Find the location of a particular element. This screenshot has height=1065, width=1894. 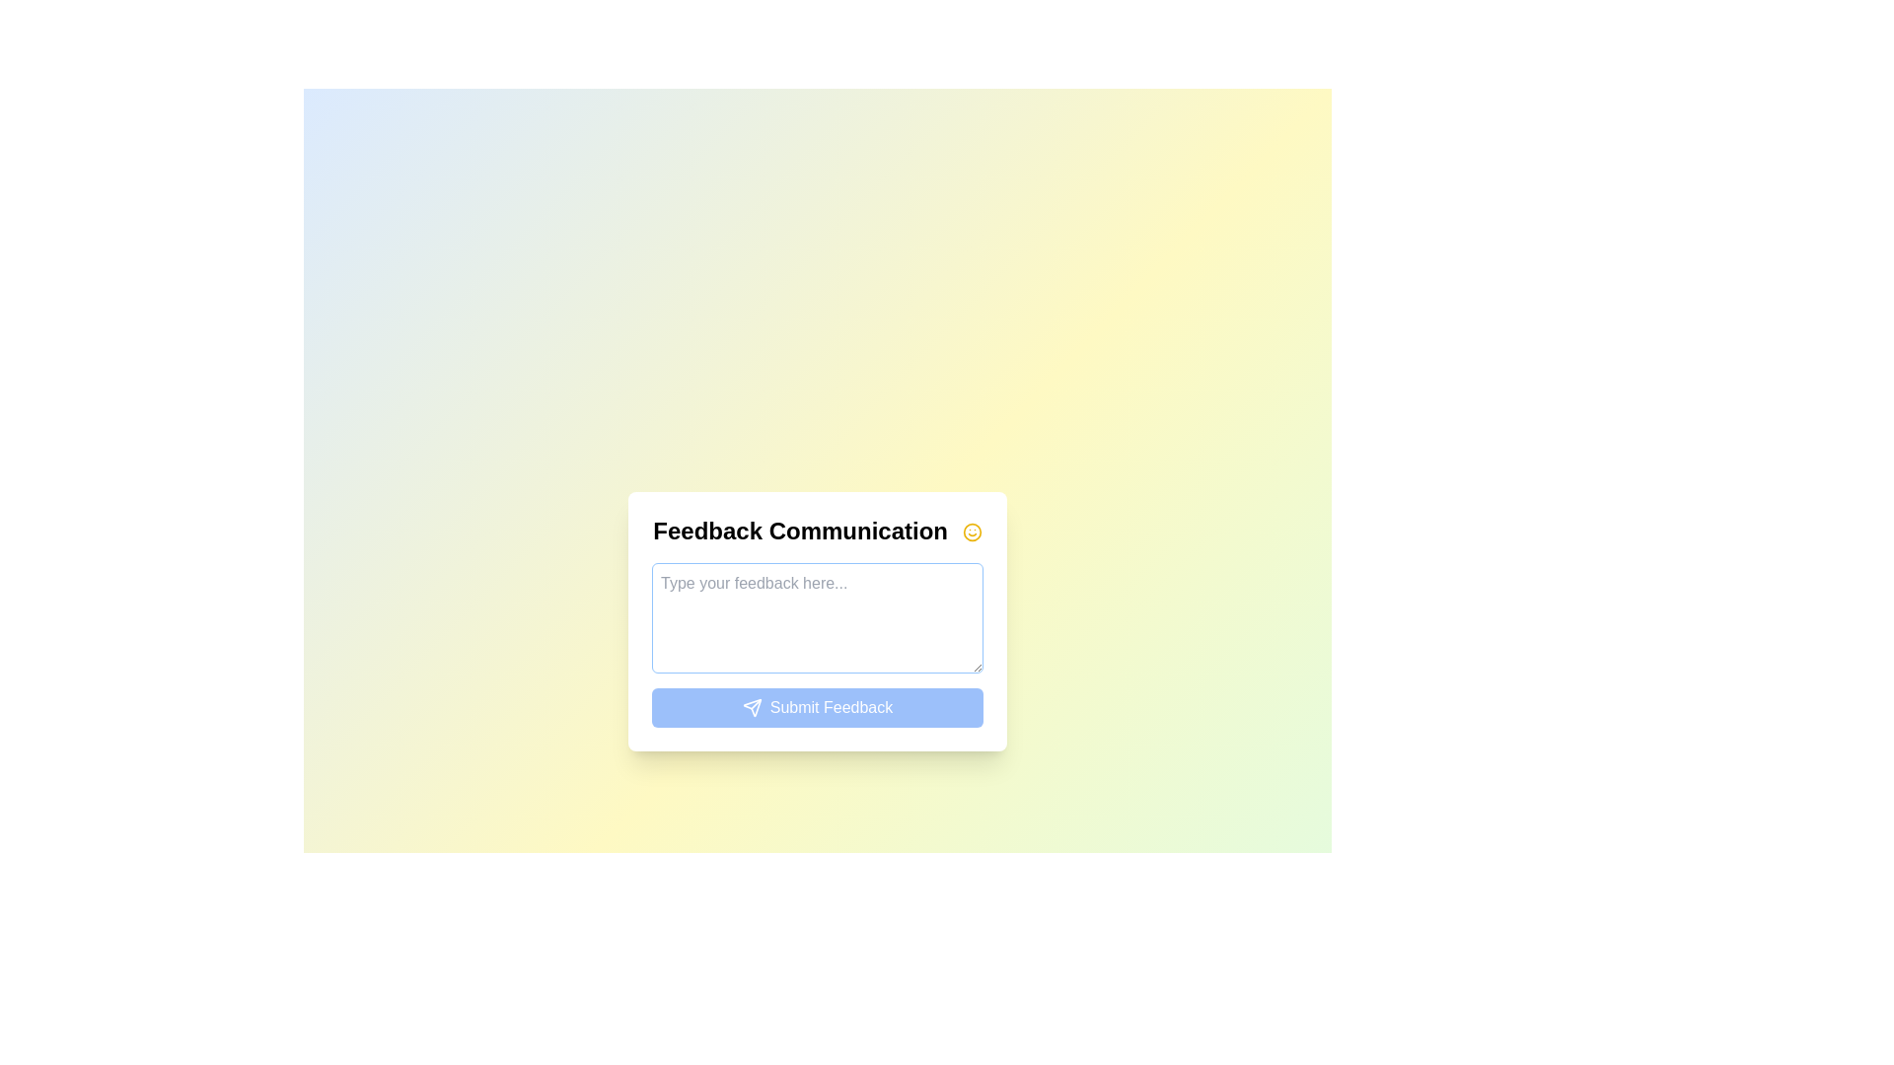

the triangular-shaped arrow icon inside the 'Submit Feedback' button, which is located on the left side of the button's text is located at coordinates (751, 706).